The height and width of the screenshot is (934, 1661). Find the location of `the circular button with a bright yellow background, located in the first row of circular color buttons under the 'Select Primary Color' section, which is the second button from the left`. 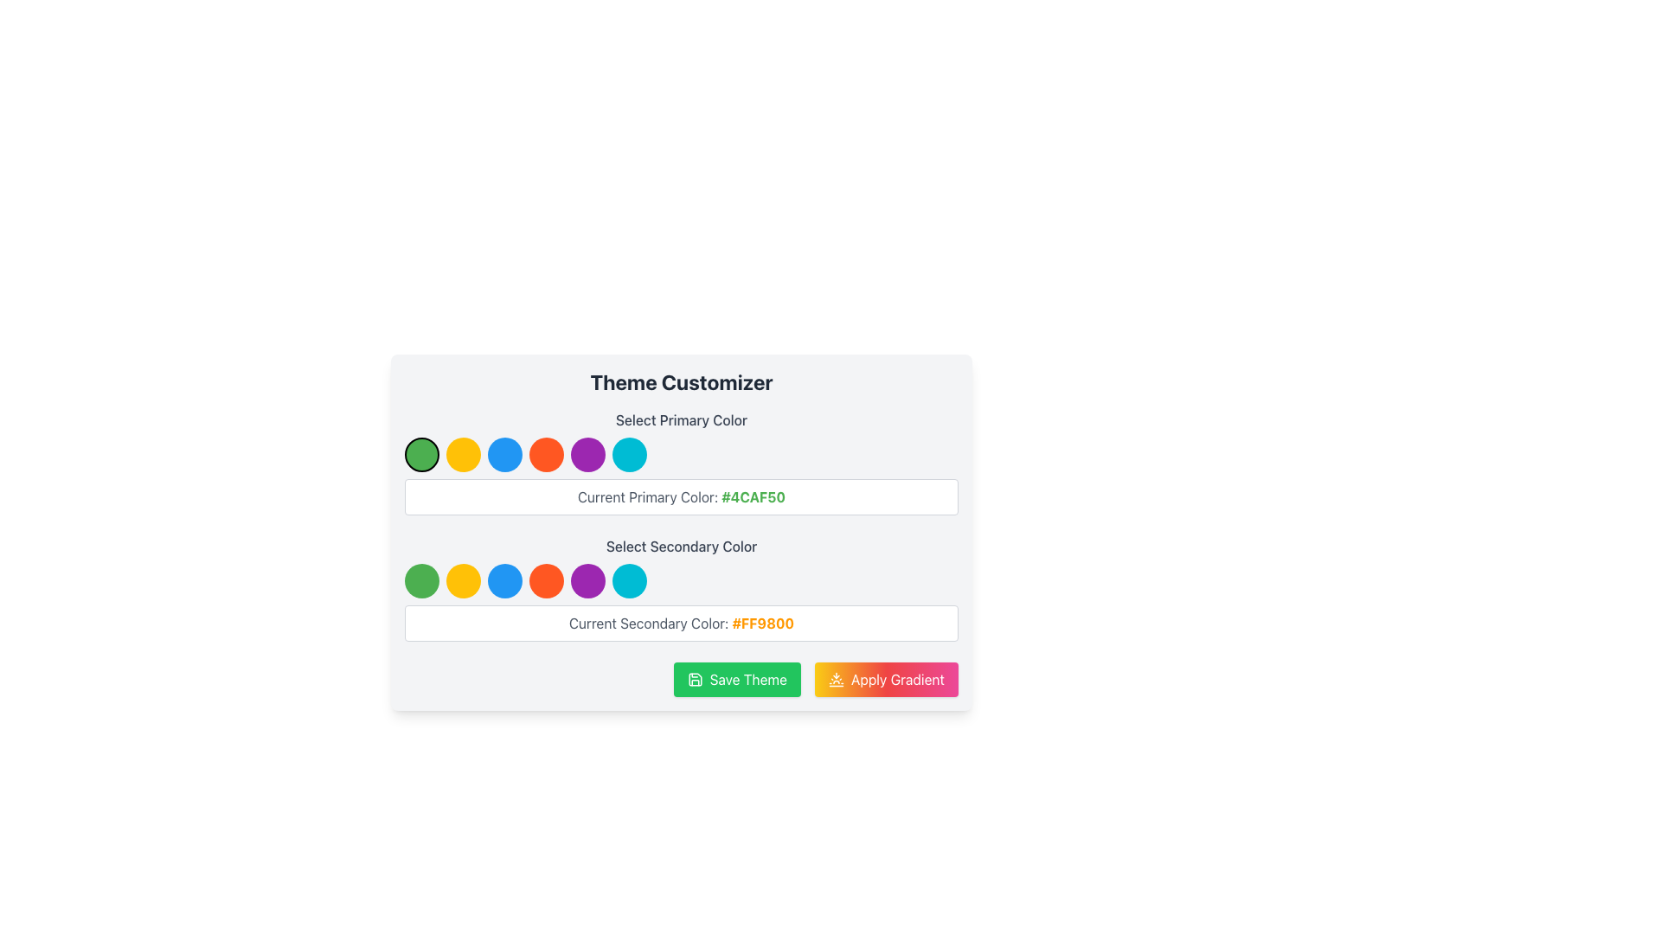

the circular button with a bright yellow background, located in the first row of circular color buttons under the 'Select Primary Color' section, which is the second button from the left is located at coordinates (464, 453).